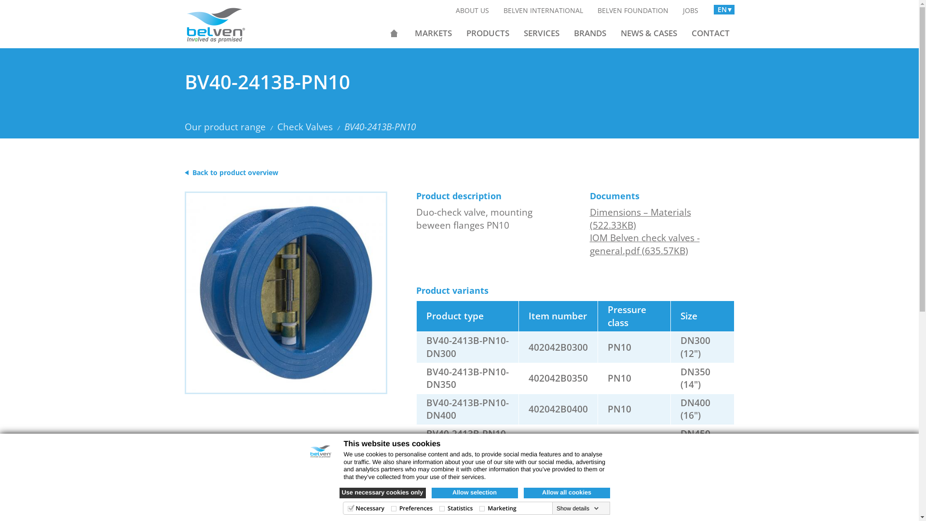  Describe the element at coordinates (710, 32) in the screenshot. I see `'CONTACT'` at that location.